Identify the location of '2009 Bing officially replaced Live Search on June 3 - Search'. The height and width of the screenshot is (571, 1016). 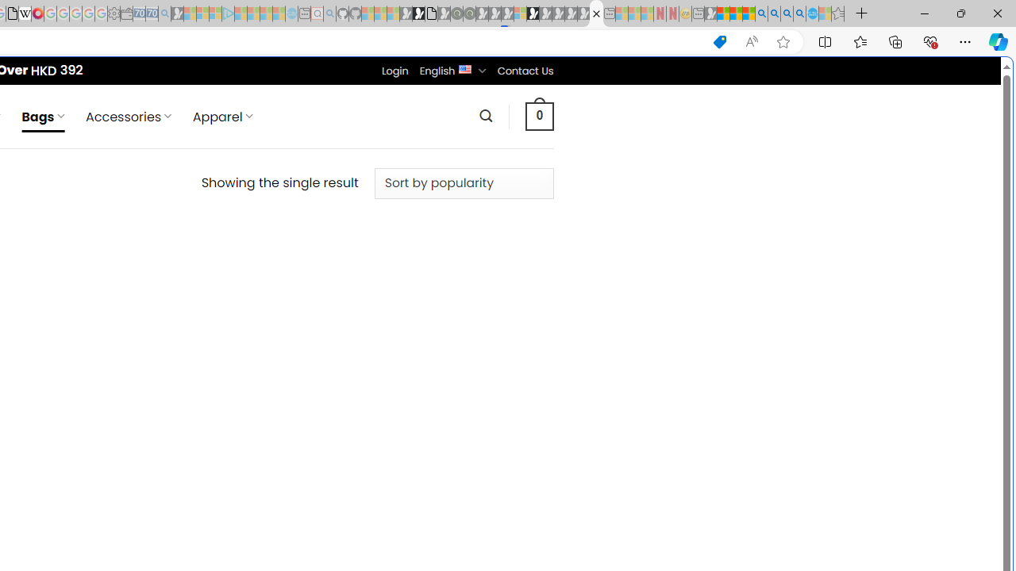
(774, 13).